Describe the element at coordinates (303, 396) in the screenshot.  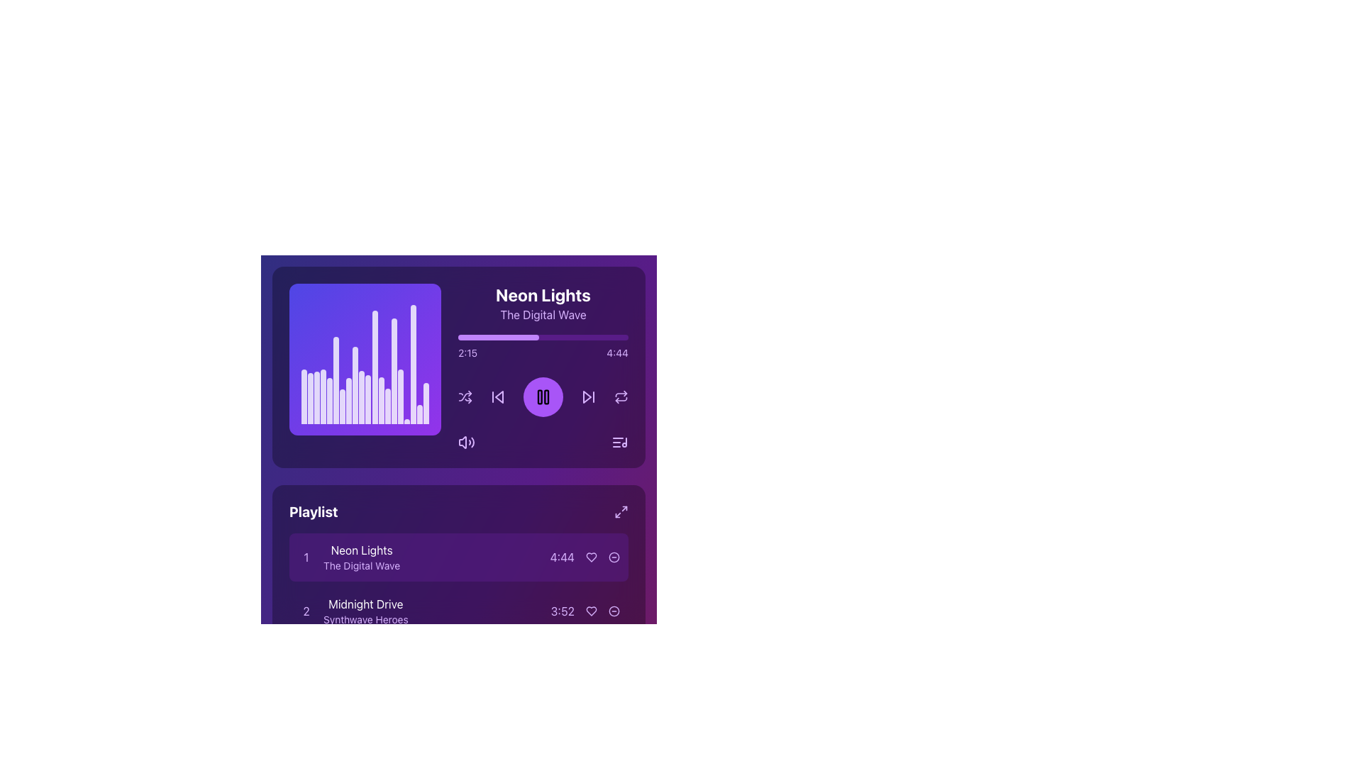
I see `the first vertical white bar in the graph visualization area located in the top-left portion of the interface` at that location.